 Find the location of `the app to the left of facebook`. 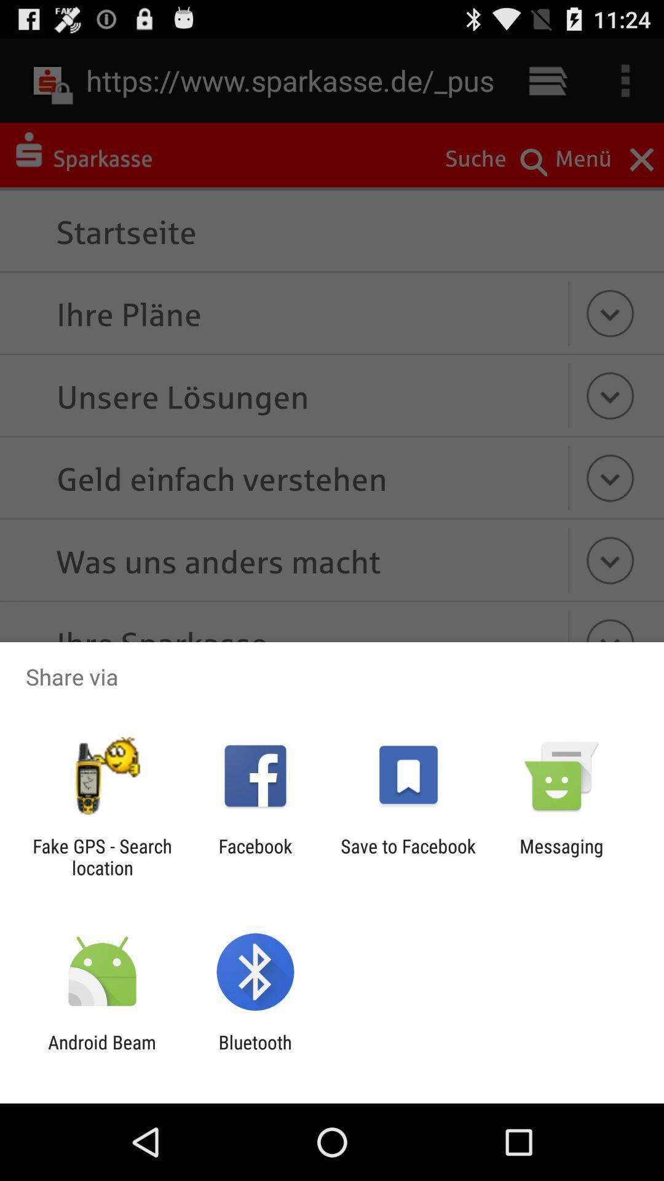

the app to the left of facebook is located at coordinates (101, 856).